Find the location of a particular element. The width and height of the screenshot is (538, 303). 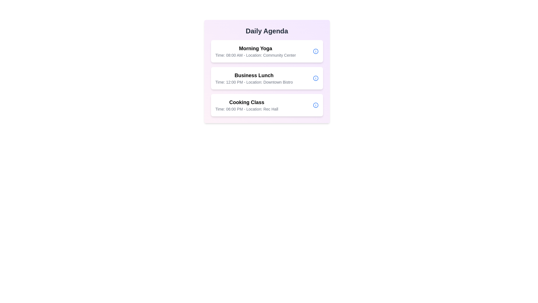

the list item corresponding to Business Lunch is located at coordinates (266, 78).